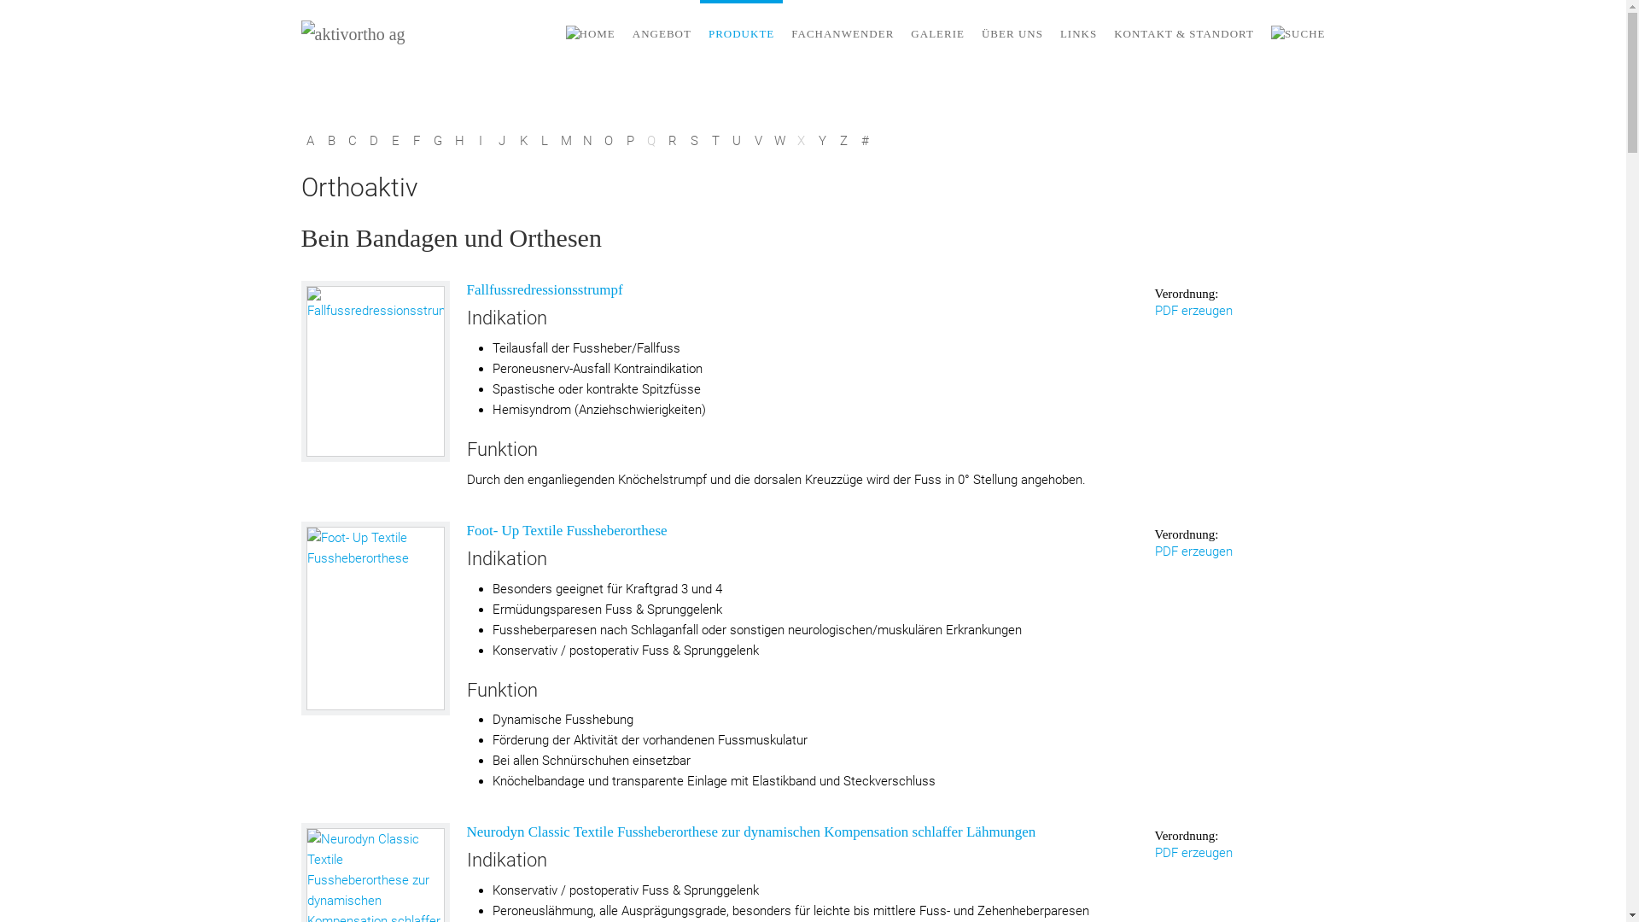  I want to click on 'F', so click(417, 140).